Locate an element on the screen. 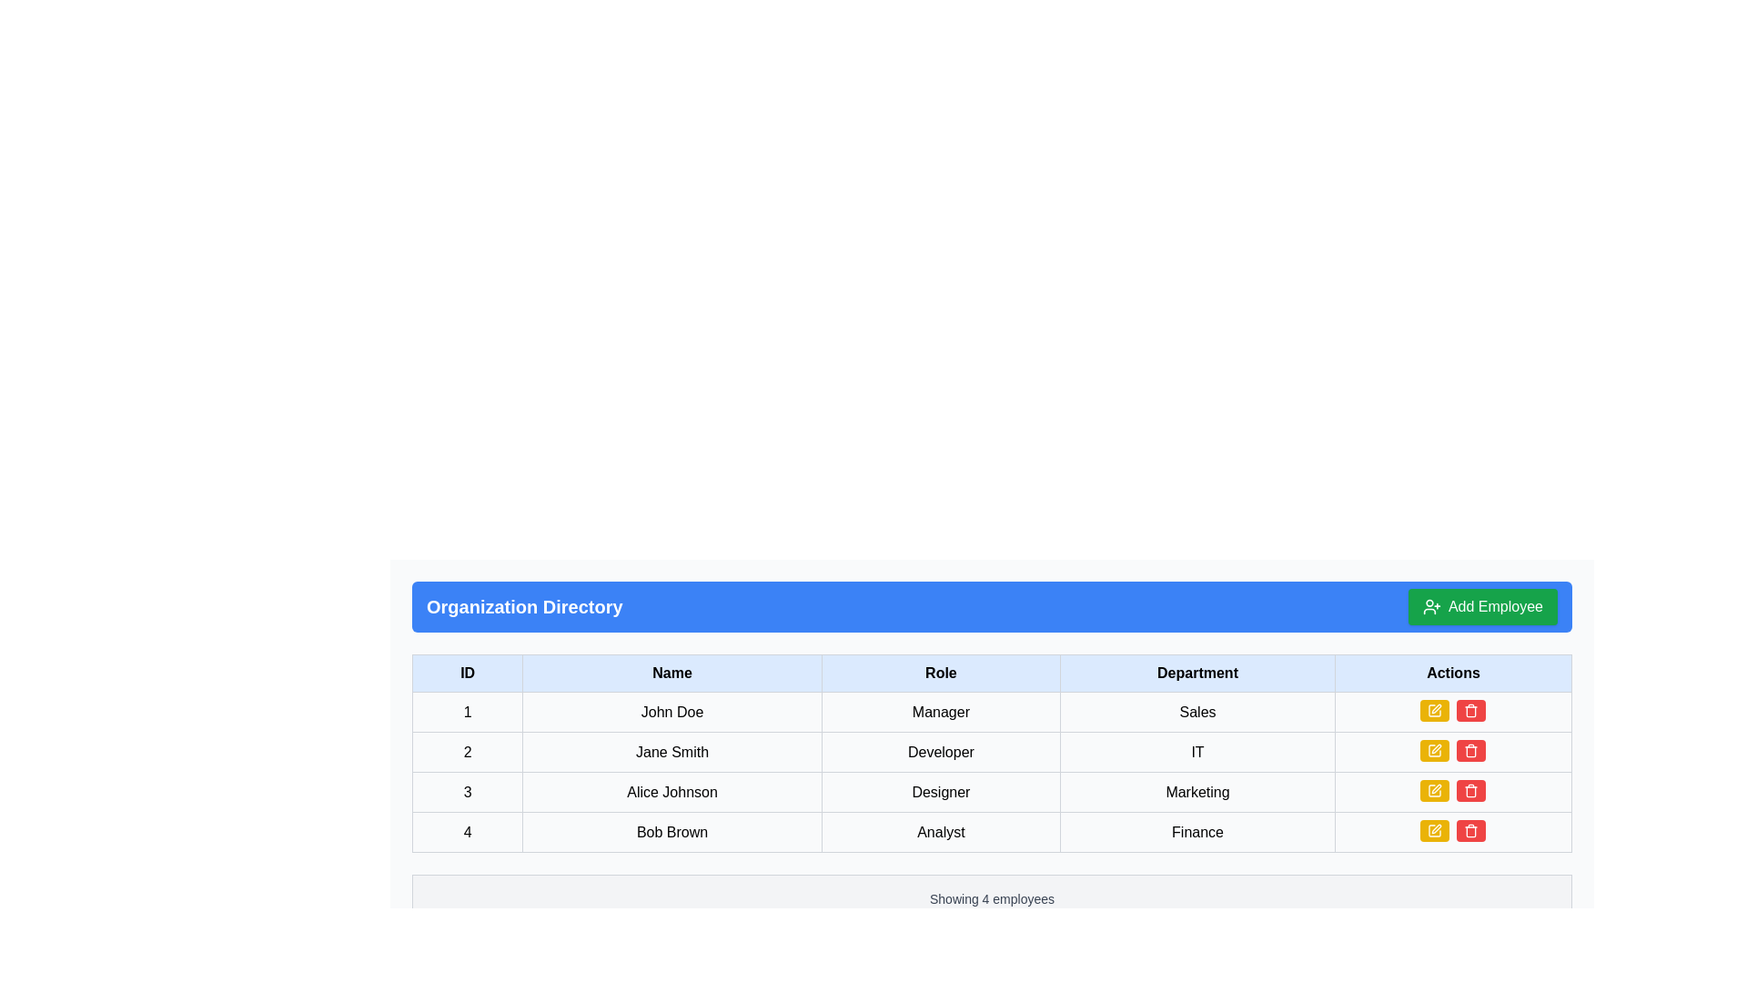  the 'Finance' text cell element located in the fourth row and fourth column of a table is located at coordinates (1197, 832).